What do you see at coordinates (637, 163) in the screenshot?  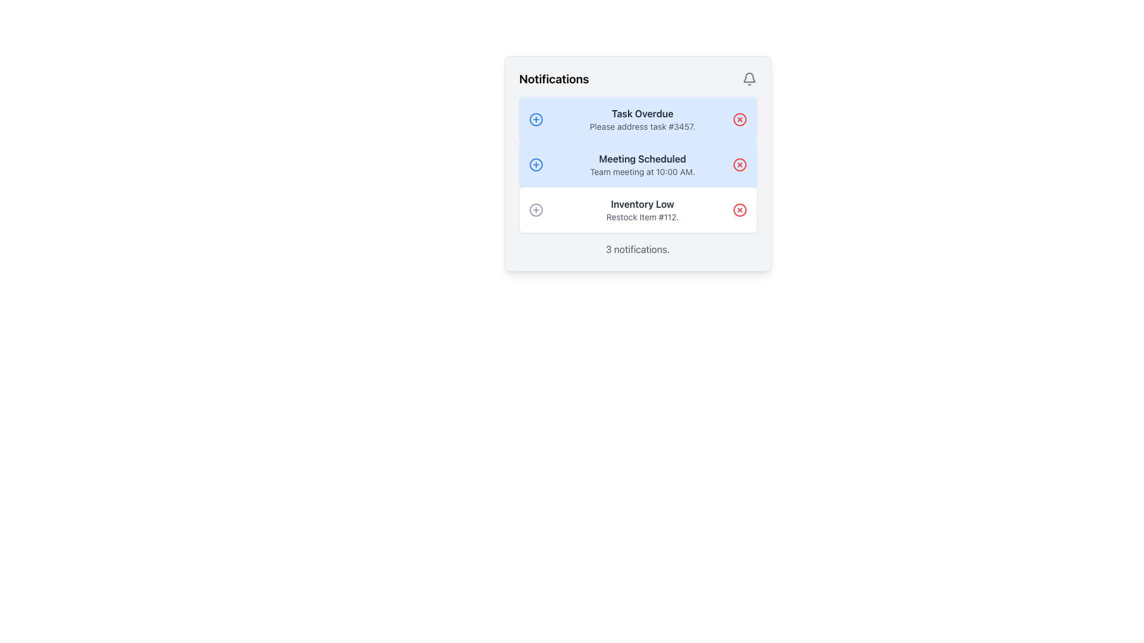 I see `the Notification panel, which displays an overview of tasks or events requiring attention` at bounding box center [637, 163].